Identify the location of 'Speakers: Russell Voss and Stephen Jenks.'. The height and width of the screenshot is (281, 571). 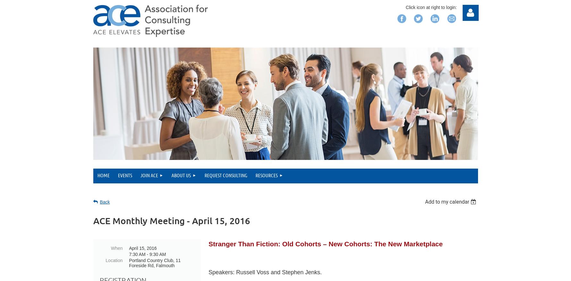
(266, 272).